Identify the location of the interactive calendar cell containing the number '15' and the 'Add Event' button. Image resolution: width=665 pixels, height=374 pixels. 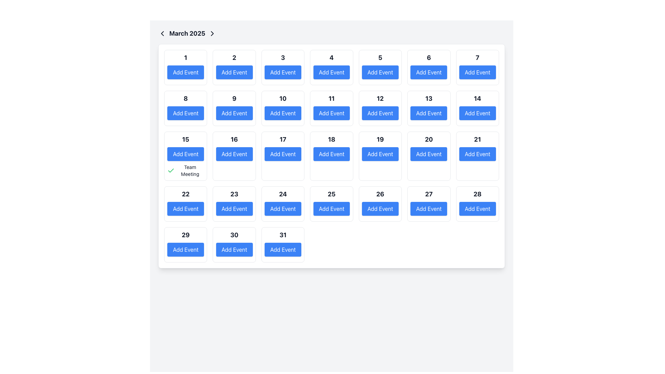
(186, 156).